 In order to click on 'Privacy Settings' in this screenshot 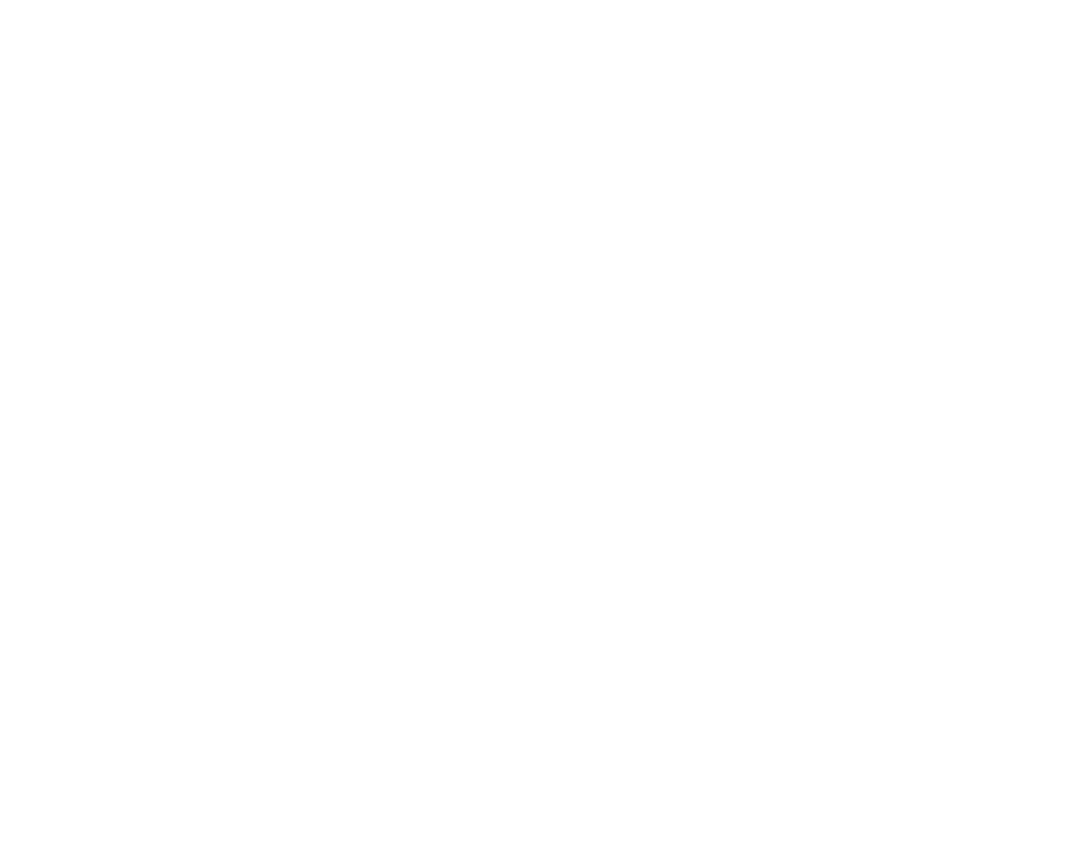, I will do `click(837, 694)`.